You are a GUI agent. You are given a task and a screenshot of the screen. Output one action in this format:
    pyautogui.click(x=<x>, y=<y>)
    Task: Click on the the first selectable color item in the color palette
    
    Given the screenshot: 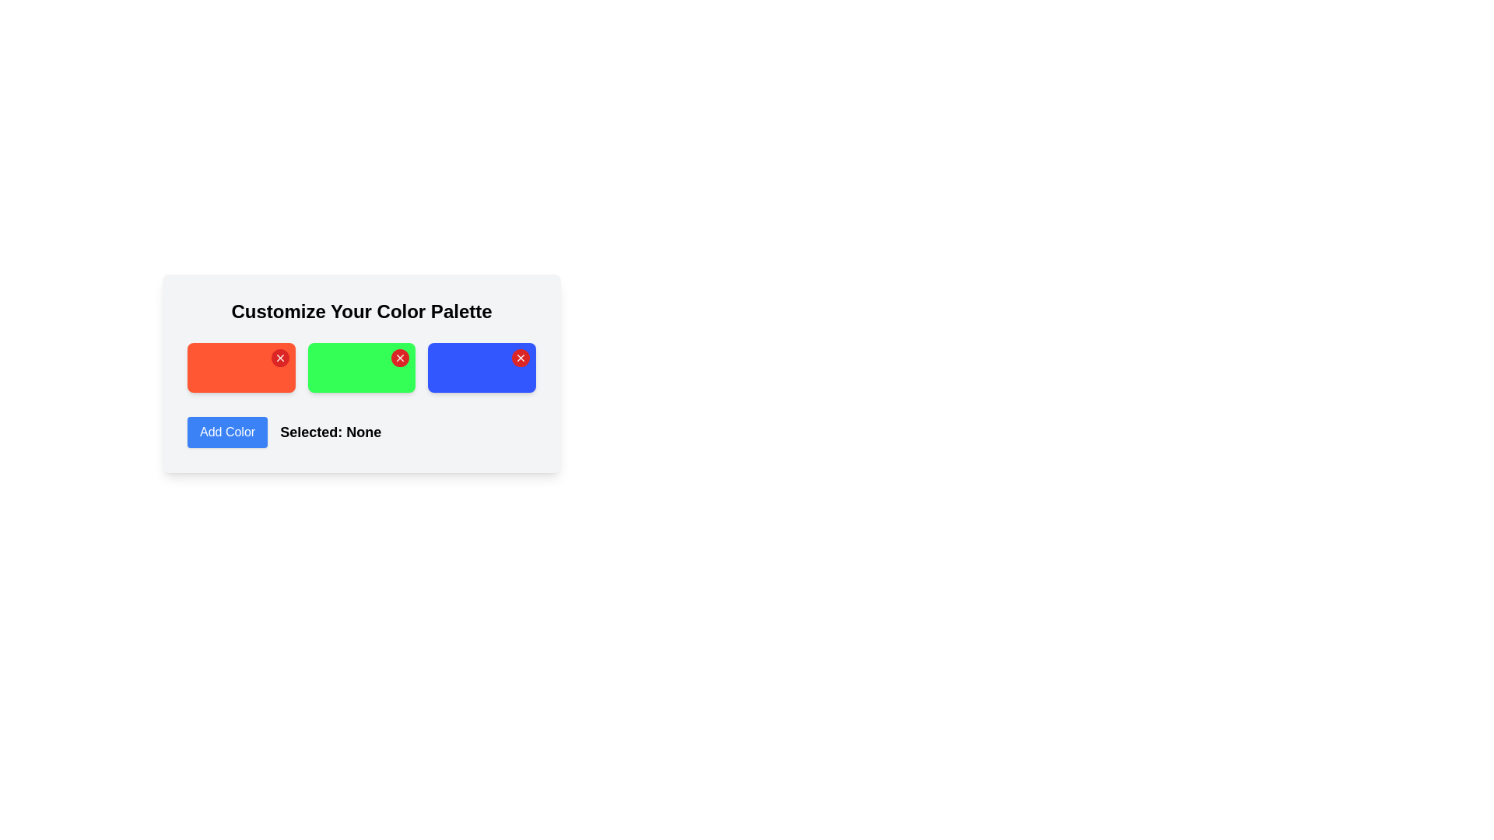 What is the action you would take?
    pyautogui.click(x=240, y=370)
    